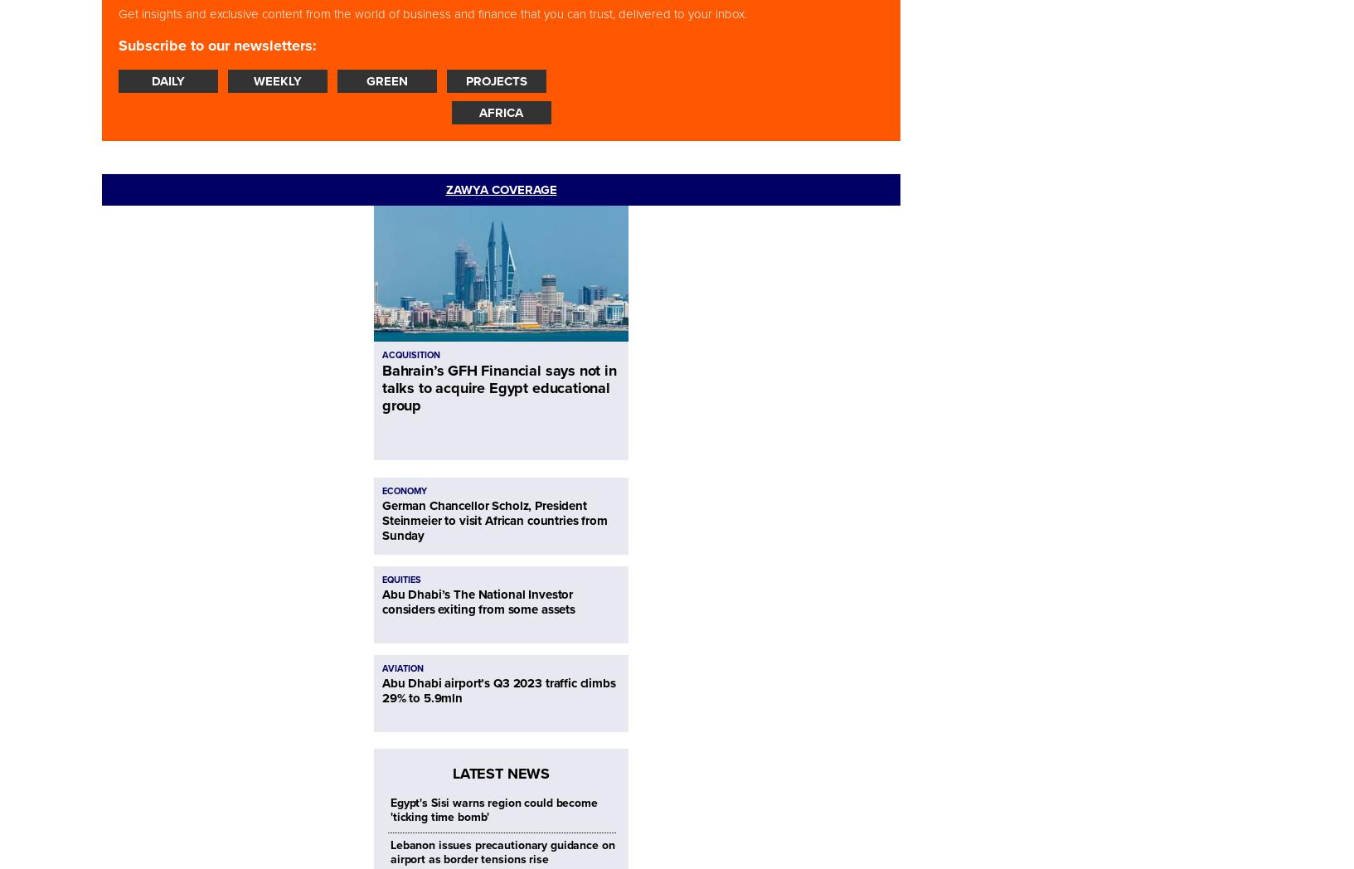 This screenshot has width=1354, height=869. Describe the element at coordinates (401, 579) in the screenshot. I see `'EQUITIES'` at that location.